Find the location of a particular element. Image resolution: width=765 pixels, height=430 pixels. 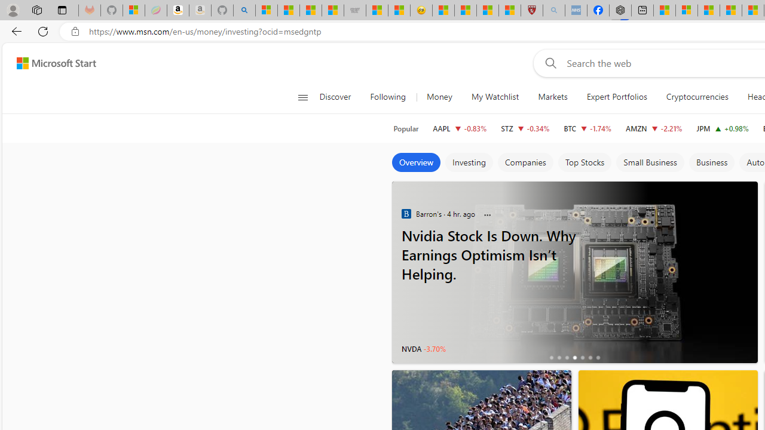

'Small Business' is located at coordinates (650, 162).